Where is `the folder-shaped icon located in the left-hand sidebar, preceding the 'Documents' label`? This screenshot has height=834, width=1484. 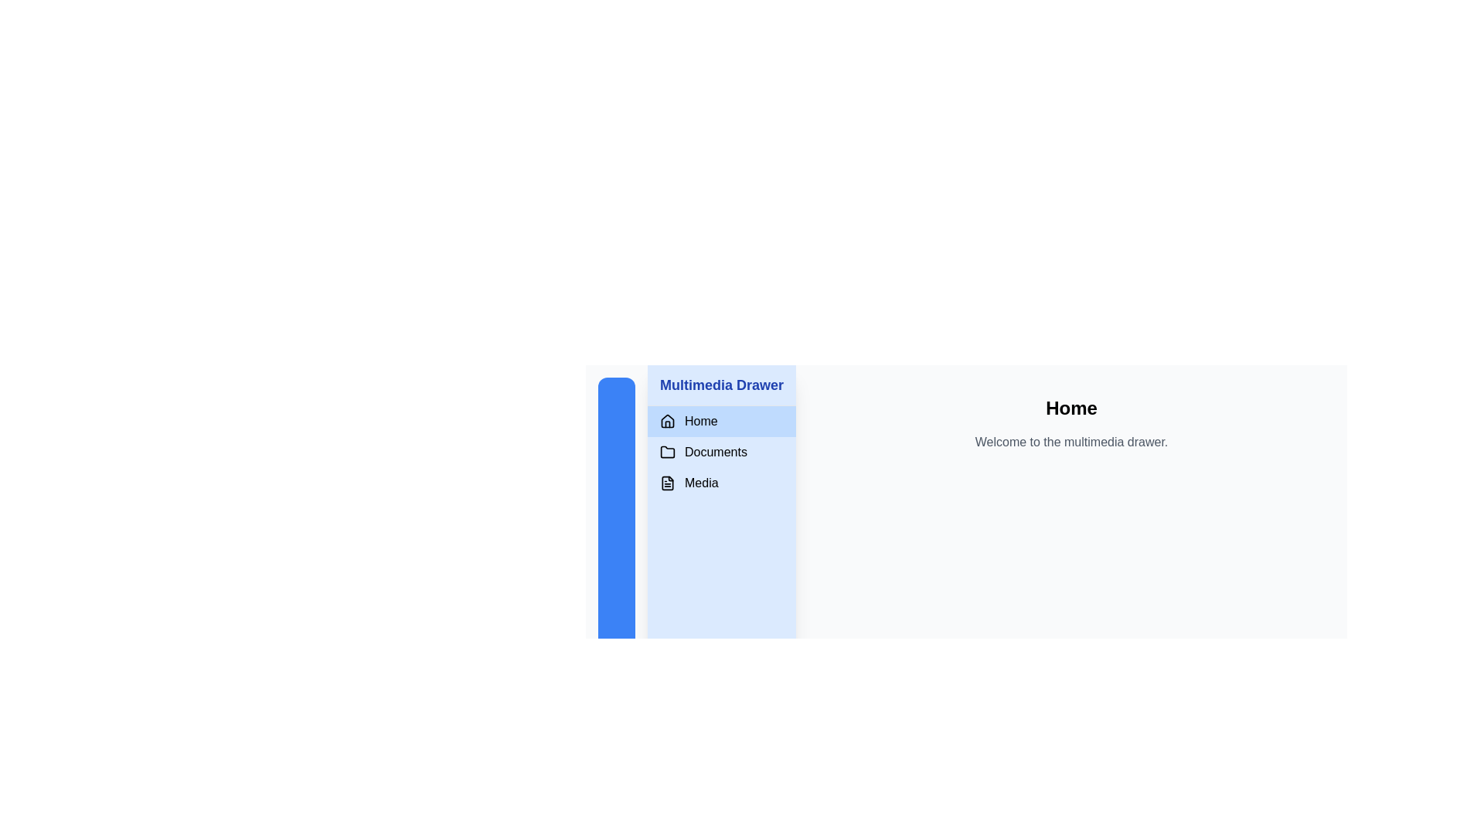 the folder-shaped icon located in the left-hand sidebar, preceding the 'Documents' label is located at coordinates (668, 452).